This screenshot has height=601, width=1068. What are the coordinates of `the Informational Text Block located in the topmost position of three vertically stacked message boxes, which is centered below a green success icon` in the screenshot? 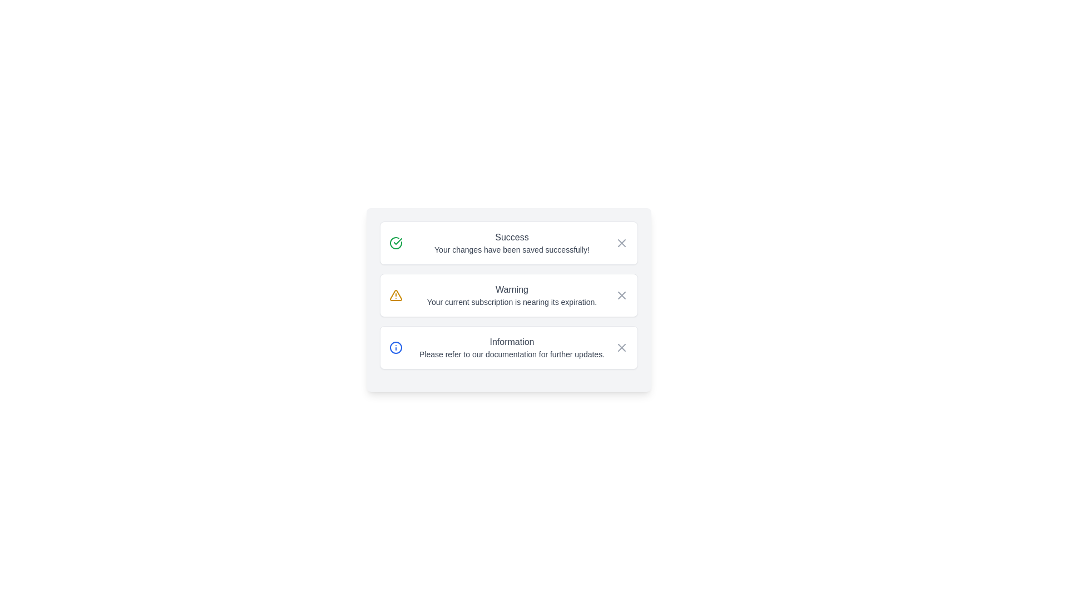 It's located at (511, 242).